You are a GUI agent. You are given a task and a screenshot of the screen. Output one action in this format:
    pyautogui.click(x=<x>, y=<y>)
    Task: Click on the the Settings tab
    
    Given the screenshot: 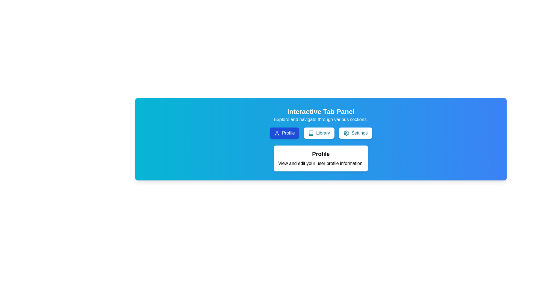 What is the action you would take?
    pyautogui.click(x=355, y=133)
    